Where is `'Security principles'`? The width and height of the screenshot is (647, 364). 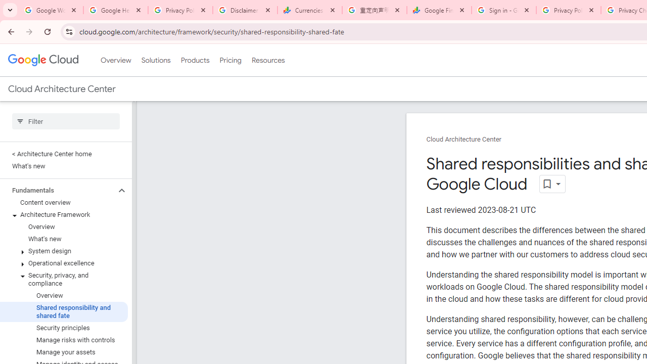 'Security principles' is located at coordinates (63, 328).